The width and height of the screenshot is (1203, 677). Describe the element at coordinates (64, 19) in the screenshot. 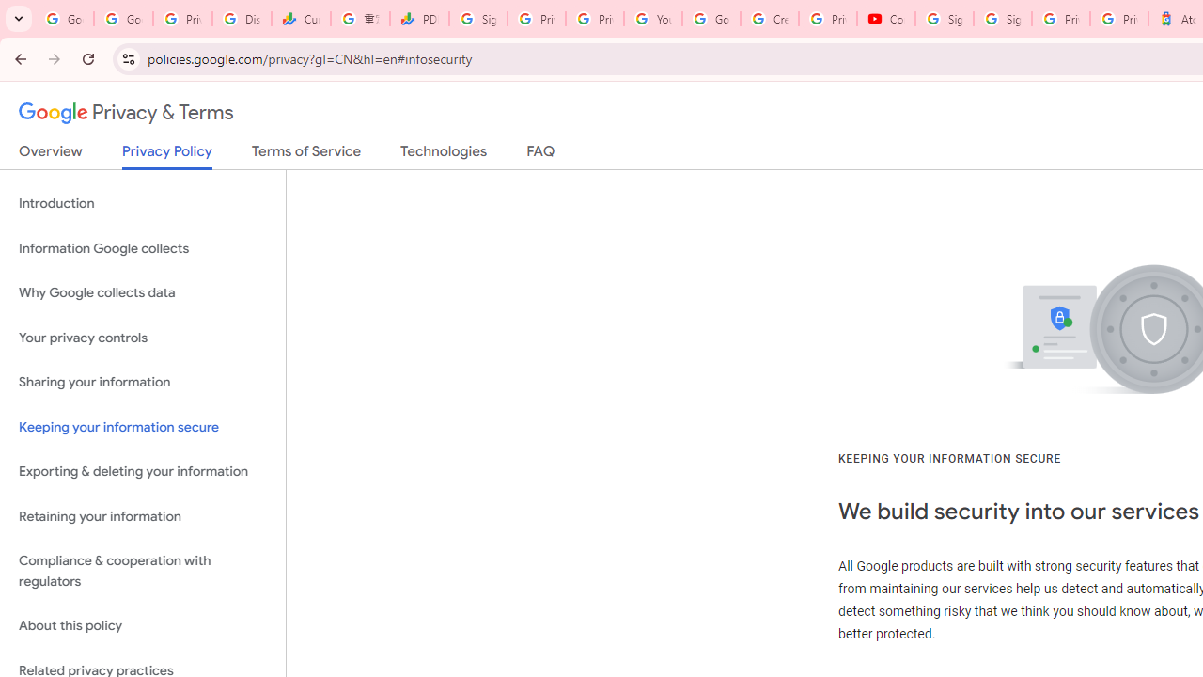

I see `'Google Workspace Admin Community'` at that location.